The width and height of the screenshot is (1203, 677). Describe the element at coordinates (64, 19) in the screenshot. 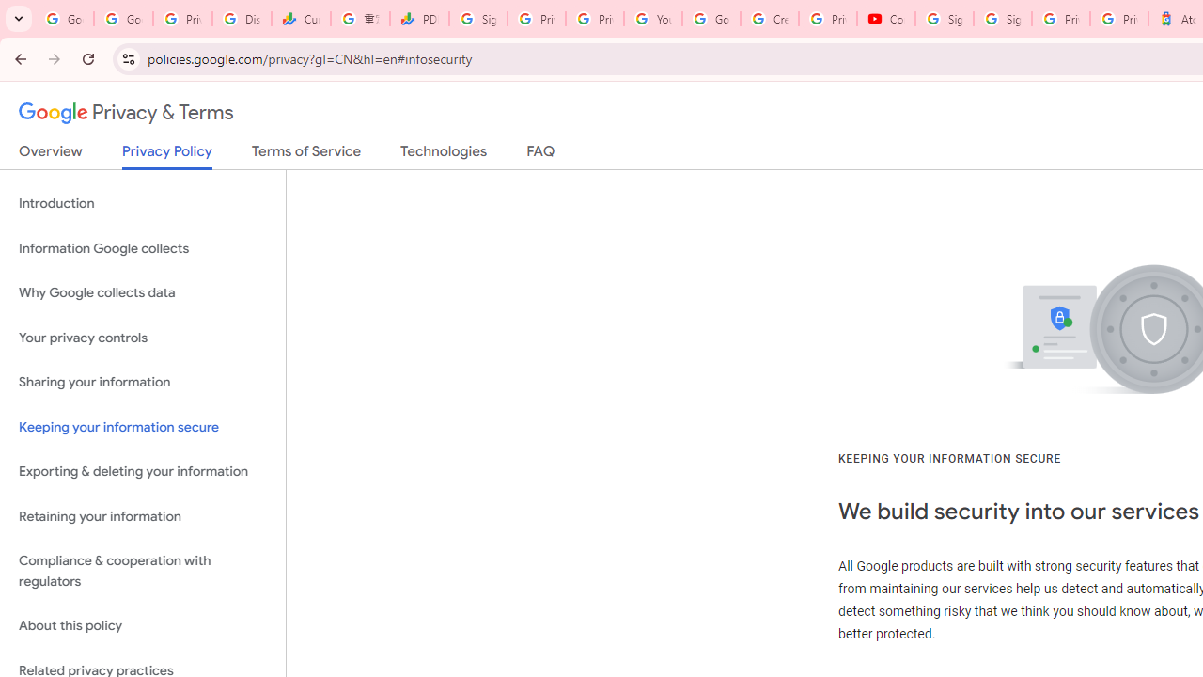

I see `'Google Workspace Admin Community'` at that location.